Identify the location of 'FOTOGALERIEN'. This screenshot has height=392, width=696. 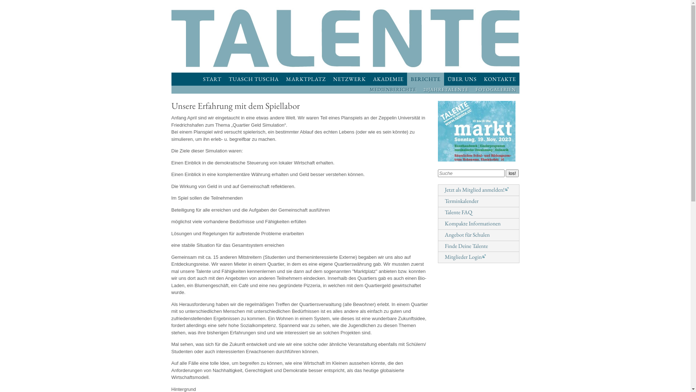
(495, 89).